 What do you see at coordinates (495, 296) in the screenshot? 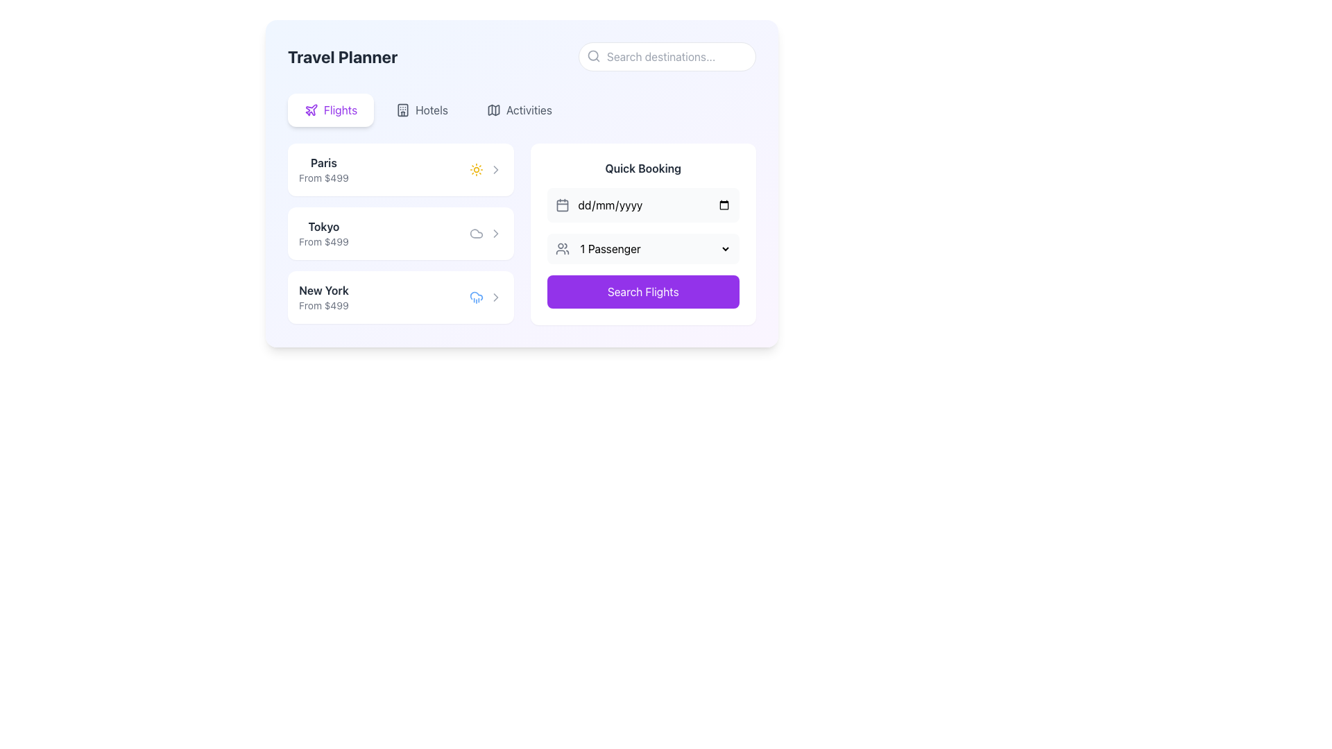
I see `the small gray chevron icon located to the right of the 'New York' text in the list of selectable travel destinations` at bounding box center [495, 296].